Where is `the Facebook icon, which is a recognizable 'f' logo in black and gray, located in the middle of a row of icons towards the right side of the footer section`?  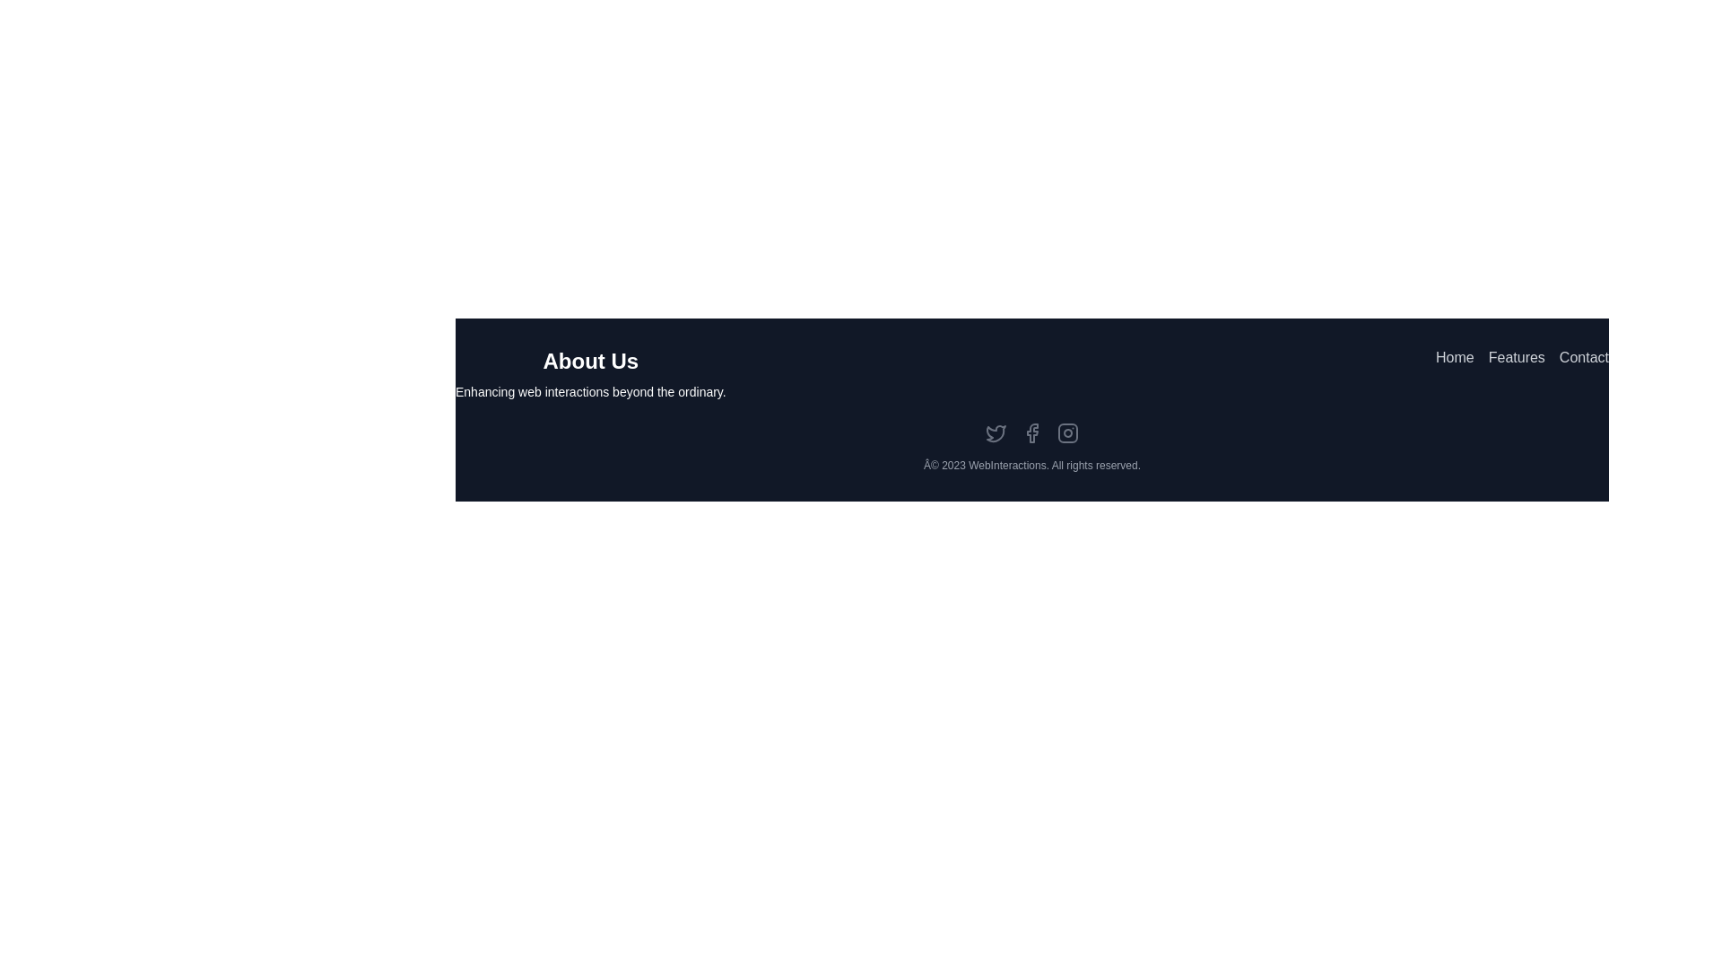 the Facebook icon, which is a recognizable 'f' logo in black and gray, located in the middle of a row of icons towards the right side of the footer section is located at coordinates (1032, 432).